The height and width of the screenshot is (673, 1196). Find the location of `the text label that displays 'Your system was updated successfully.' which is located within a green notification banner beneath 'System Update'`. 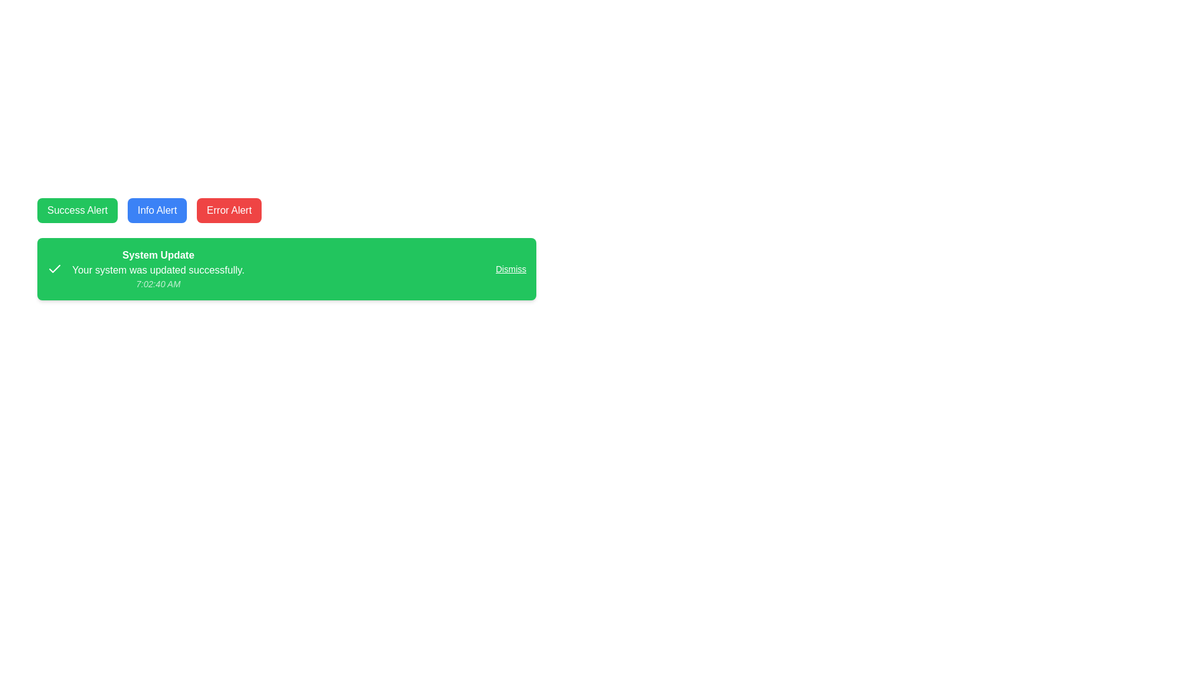

the text label that displays 'Your system was updated successfully.' which is located within a green notification banner beneath 'System Update' is located at coordinates (158, 270).